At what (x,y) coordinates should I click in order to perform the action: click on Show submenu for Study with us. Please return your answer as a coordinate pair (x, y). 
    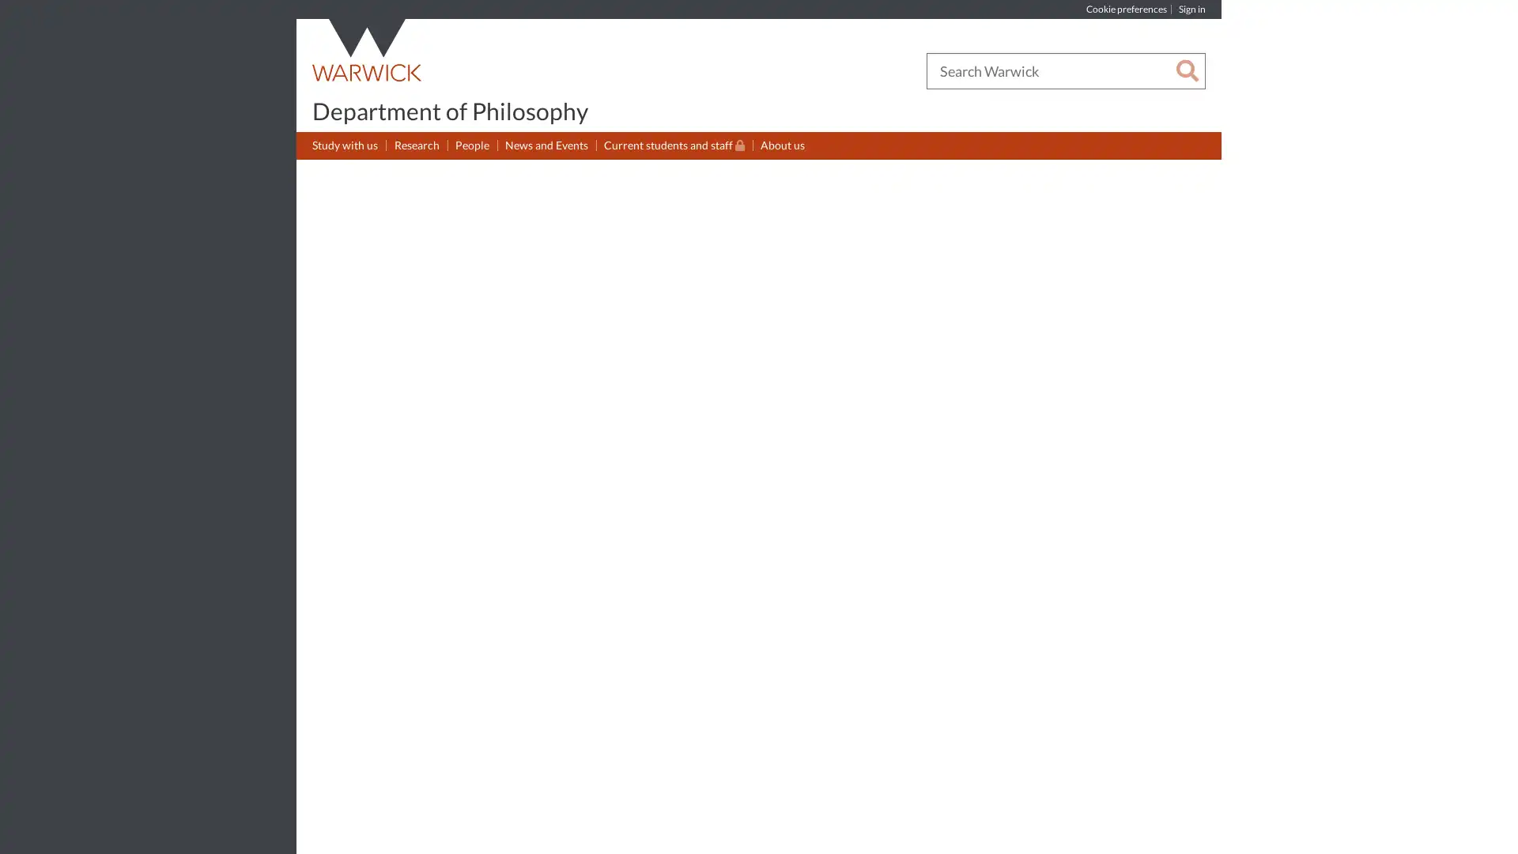
    Looking at the image, I should click on (315, 136).